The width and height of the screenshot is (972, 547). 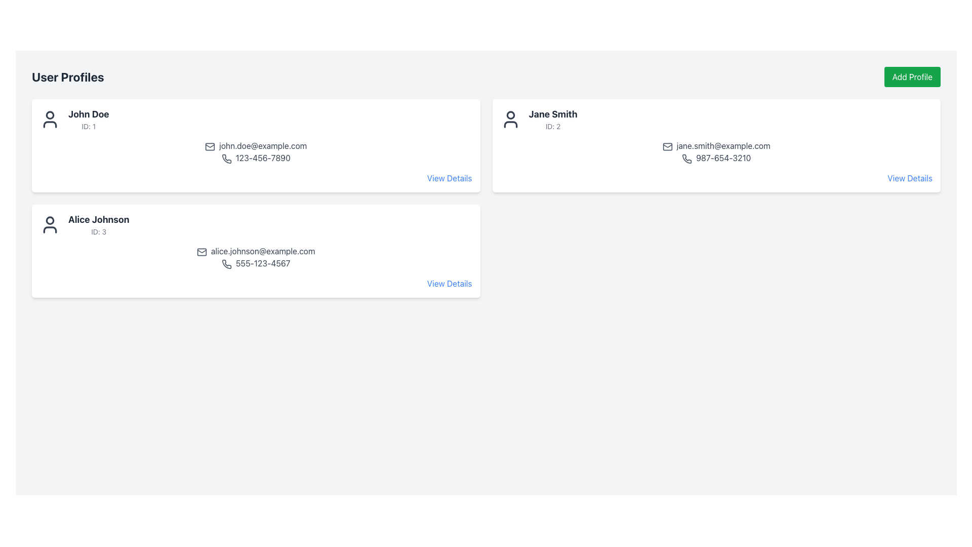 I want to click on contact information (email and phone number) provided in the informational text located in Alice Johnson's profile card, which is situated below the 'ID: 3' text and above the 'View Details' link, so click(x=256, y=257).